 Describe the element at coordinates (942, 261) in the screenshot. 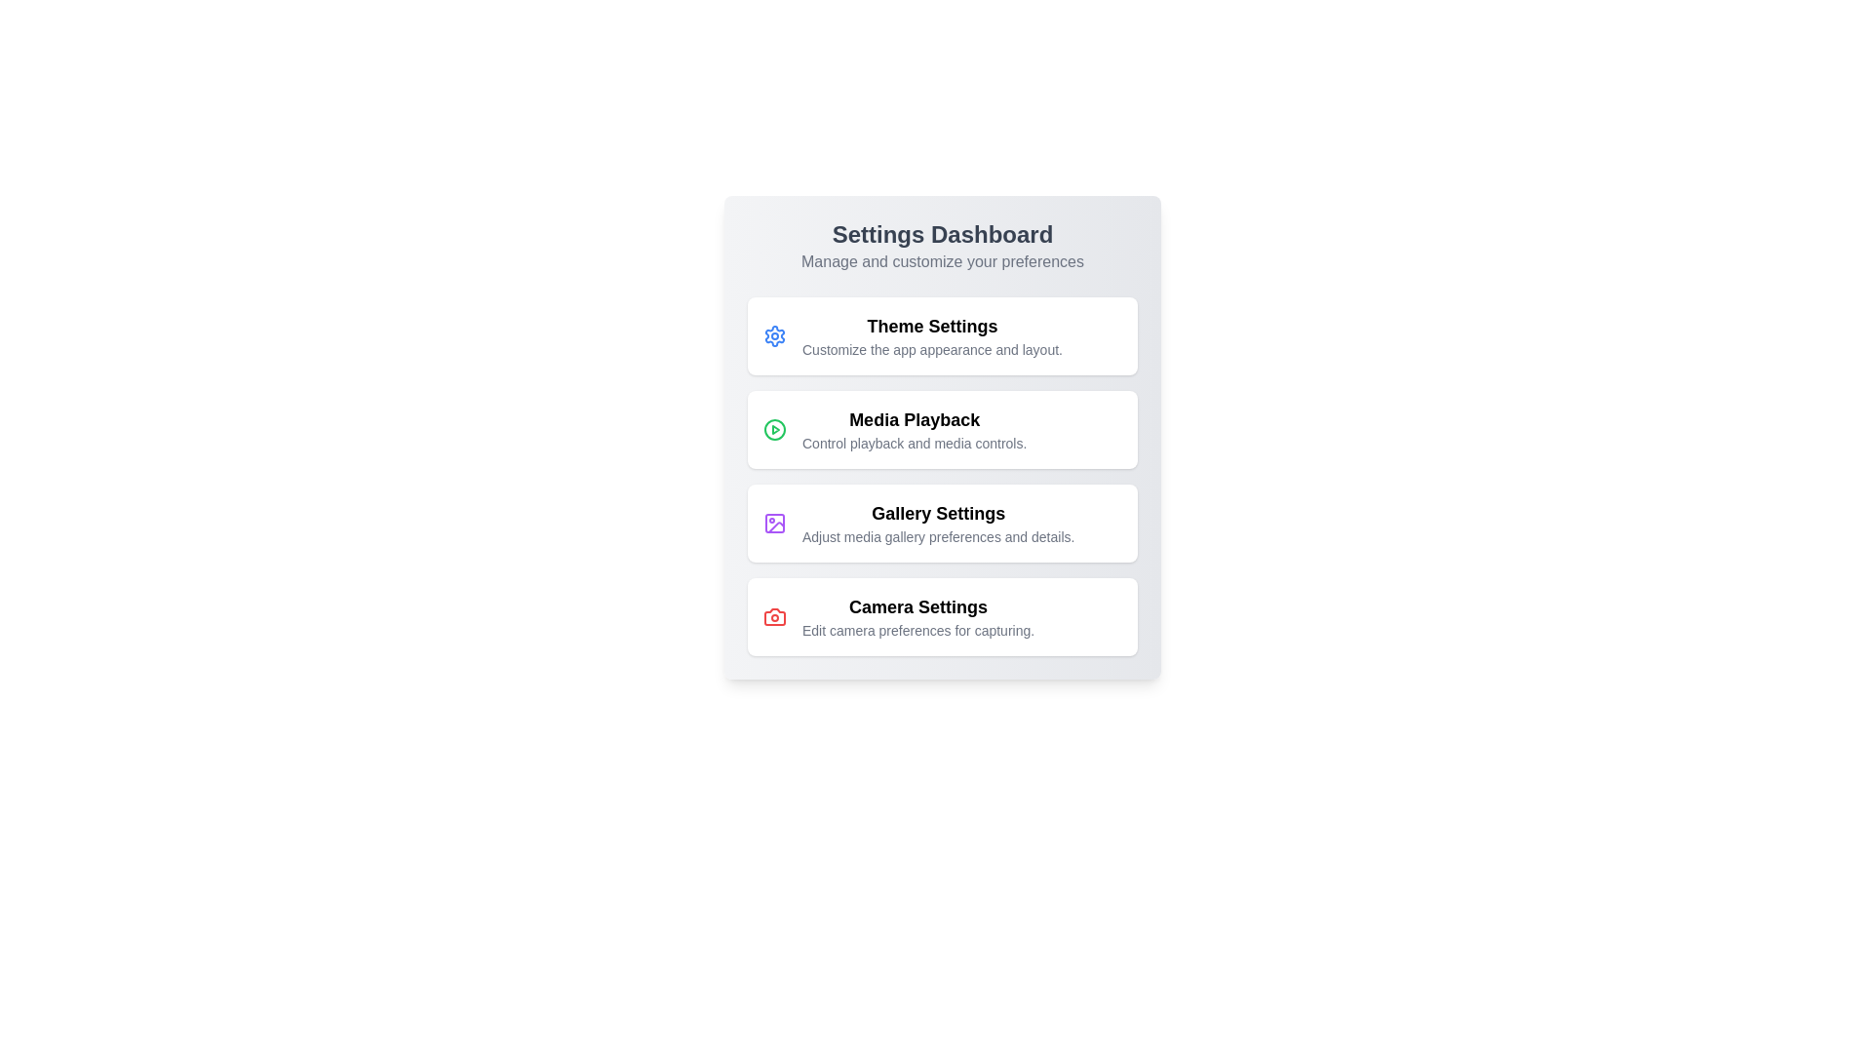

I see `and interpret the descriptive subtitle text located directly below the 'Settings Dashboard' title, which provides guidance about the dashboard's purpose` at that location.